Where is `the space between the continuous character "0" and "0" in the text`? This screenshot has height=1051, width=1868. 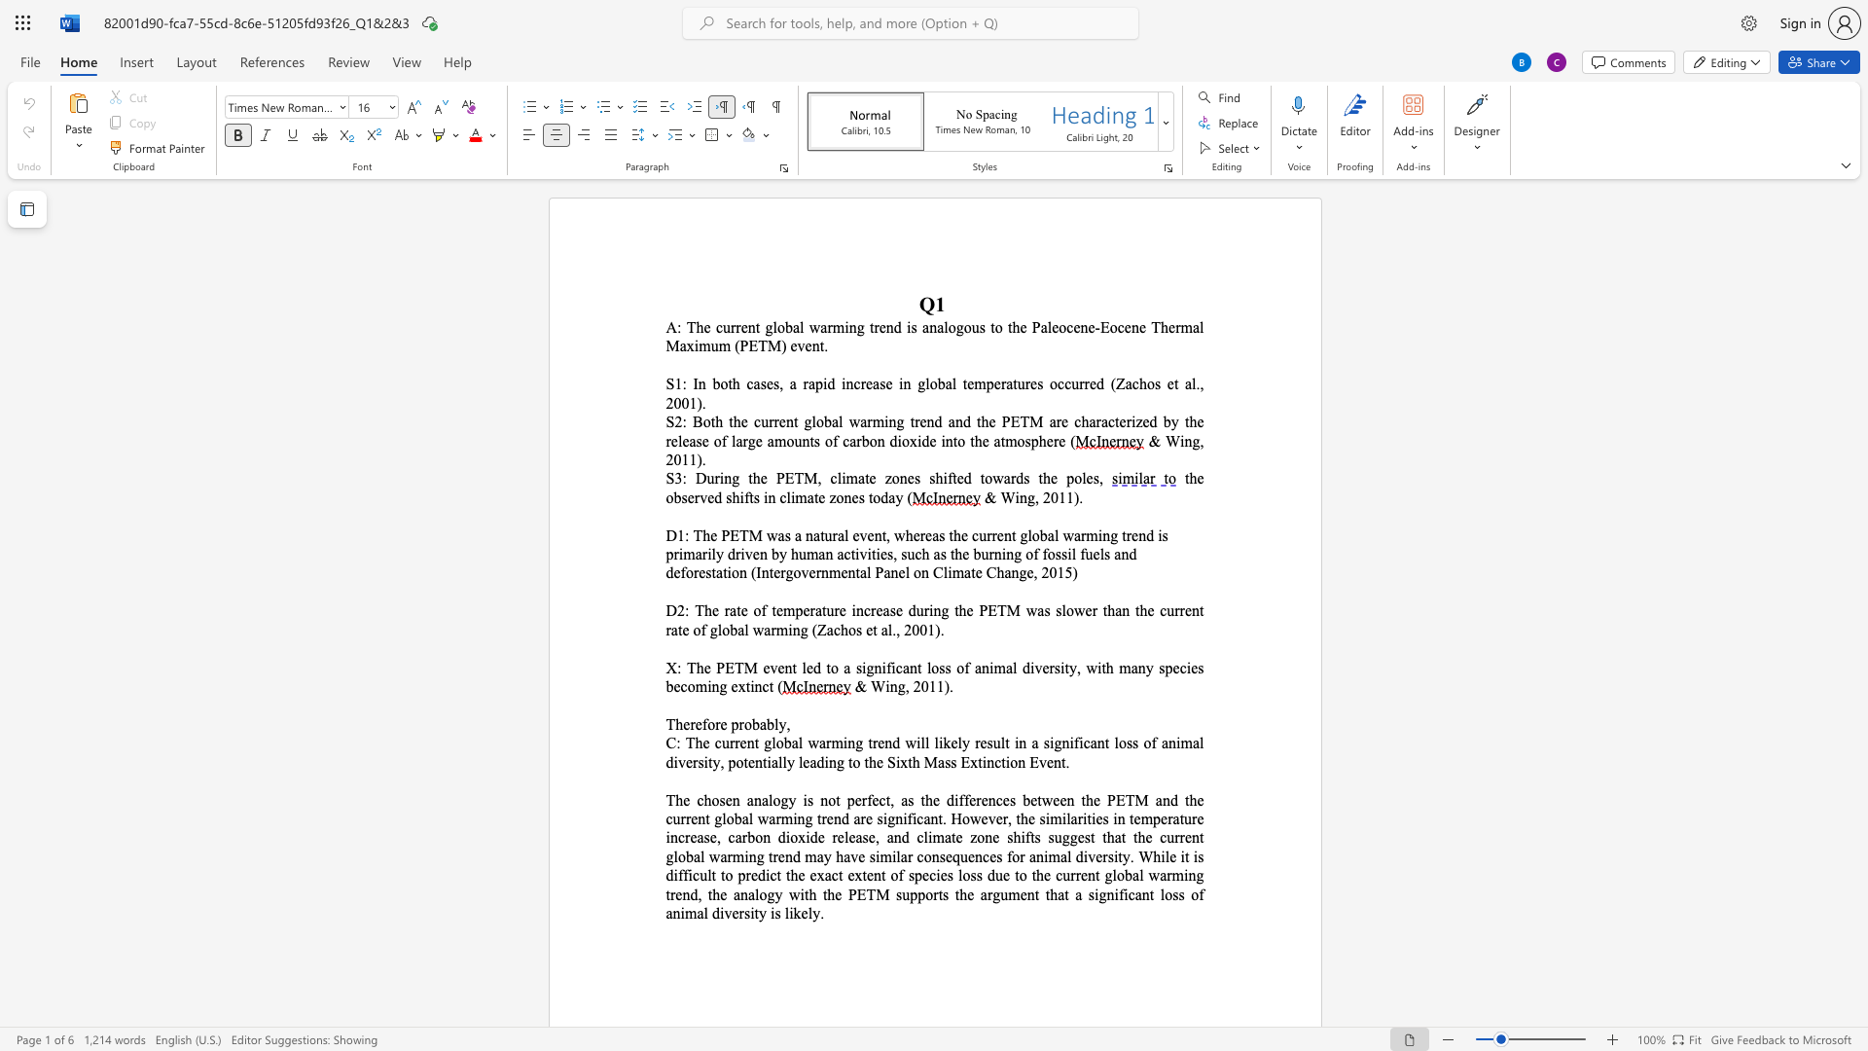 the space between the continuous character "0" and "0" in the text is located at coordinates (681, 402).